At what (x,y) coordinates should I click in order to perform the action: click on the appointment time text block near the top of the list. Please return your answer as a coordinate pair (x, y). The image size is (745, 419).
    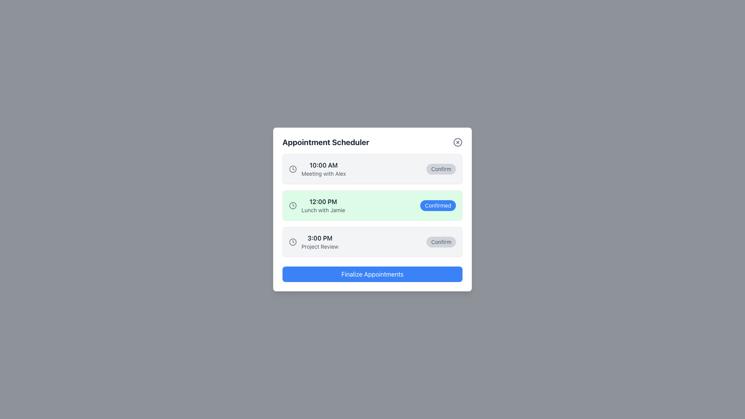
    Looking at the image, I should click on (317, 168).